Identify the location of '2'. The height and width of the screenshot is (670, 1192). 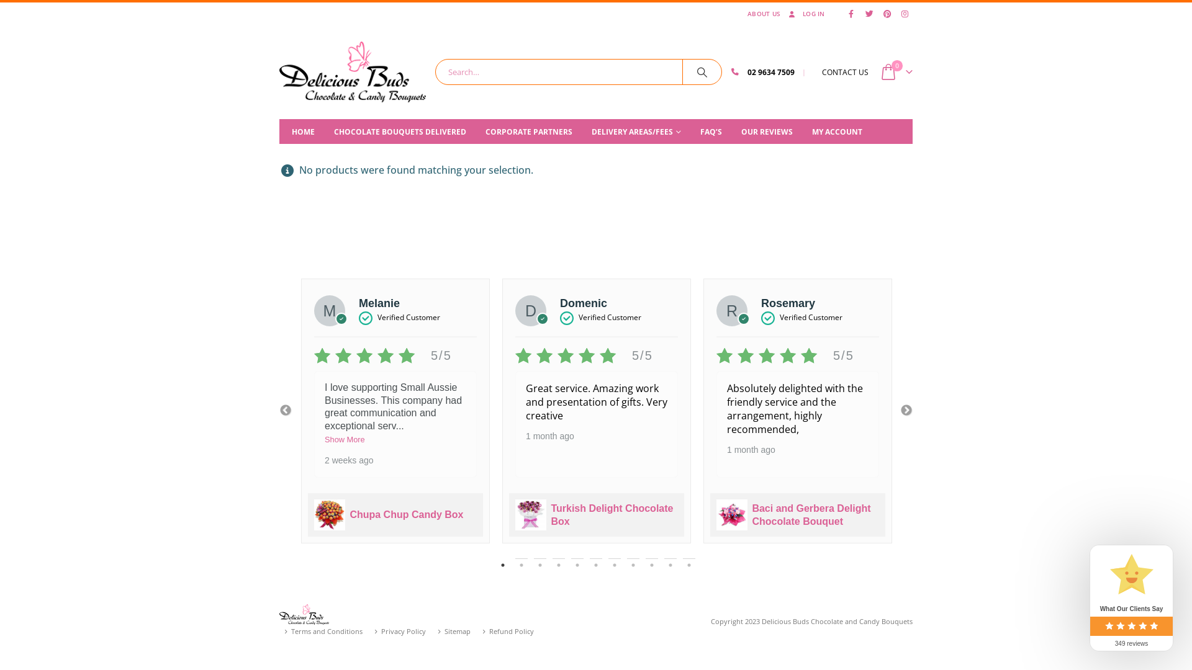
(515, 565).